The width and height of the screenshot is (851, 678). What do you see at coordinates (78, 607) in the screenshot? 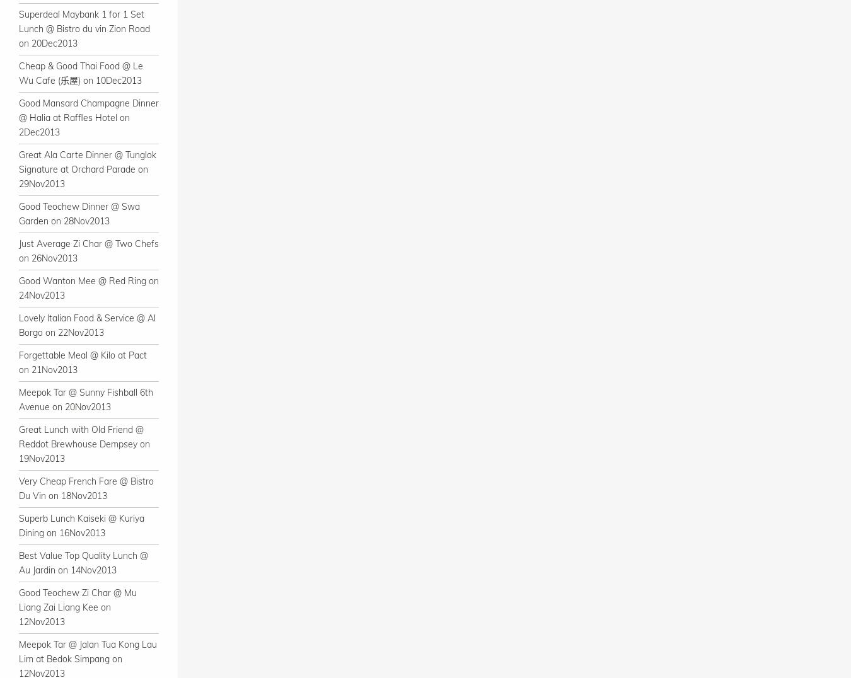
I see `'Good Teochew Zi Char @ Mu Liang Zai Liang Kee on 12Nov2013'` at bounding box center [78, 607].